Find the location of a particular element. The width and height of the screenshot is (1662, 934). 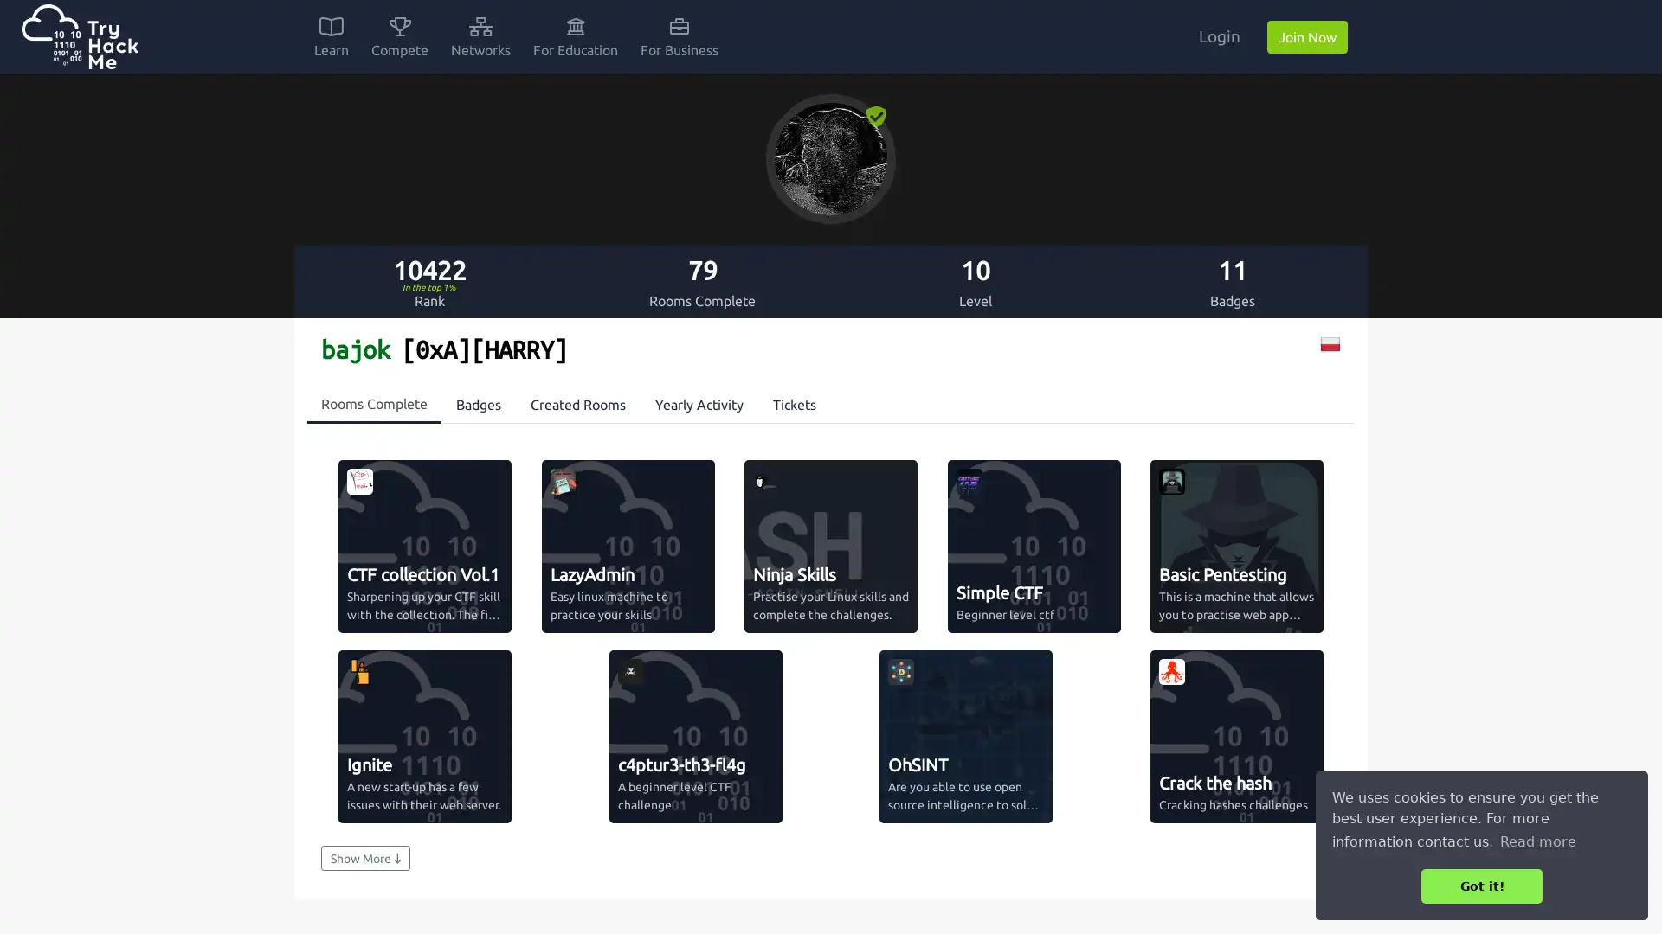

dismiss cookie message is located at coordinates (1481, 886).